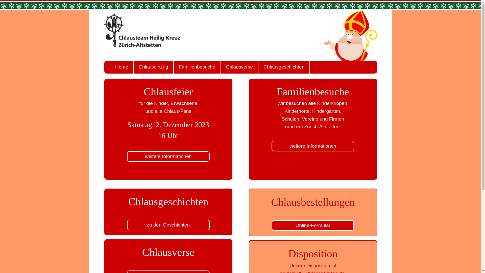 The width and height of the screenshot is (485, 273). Describe the element at coordinates (133, 67) in the screenshot. I see `'Chlauseinzug'` at that location.